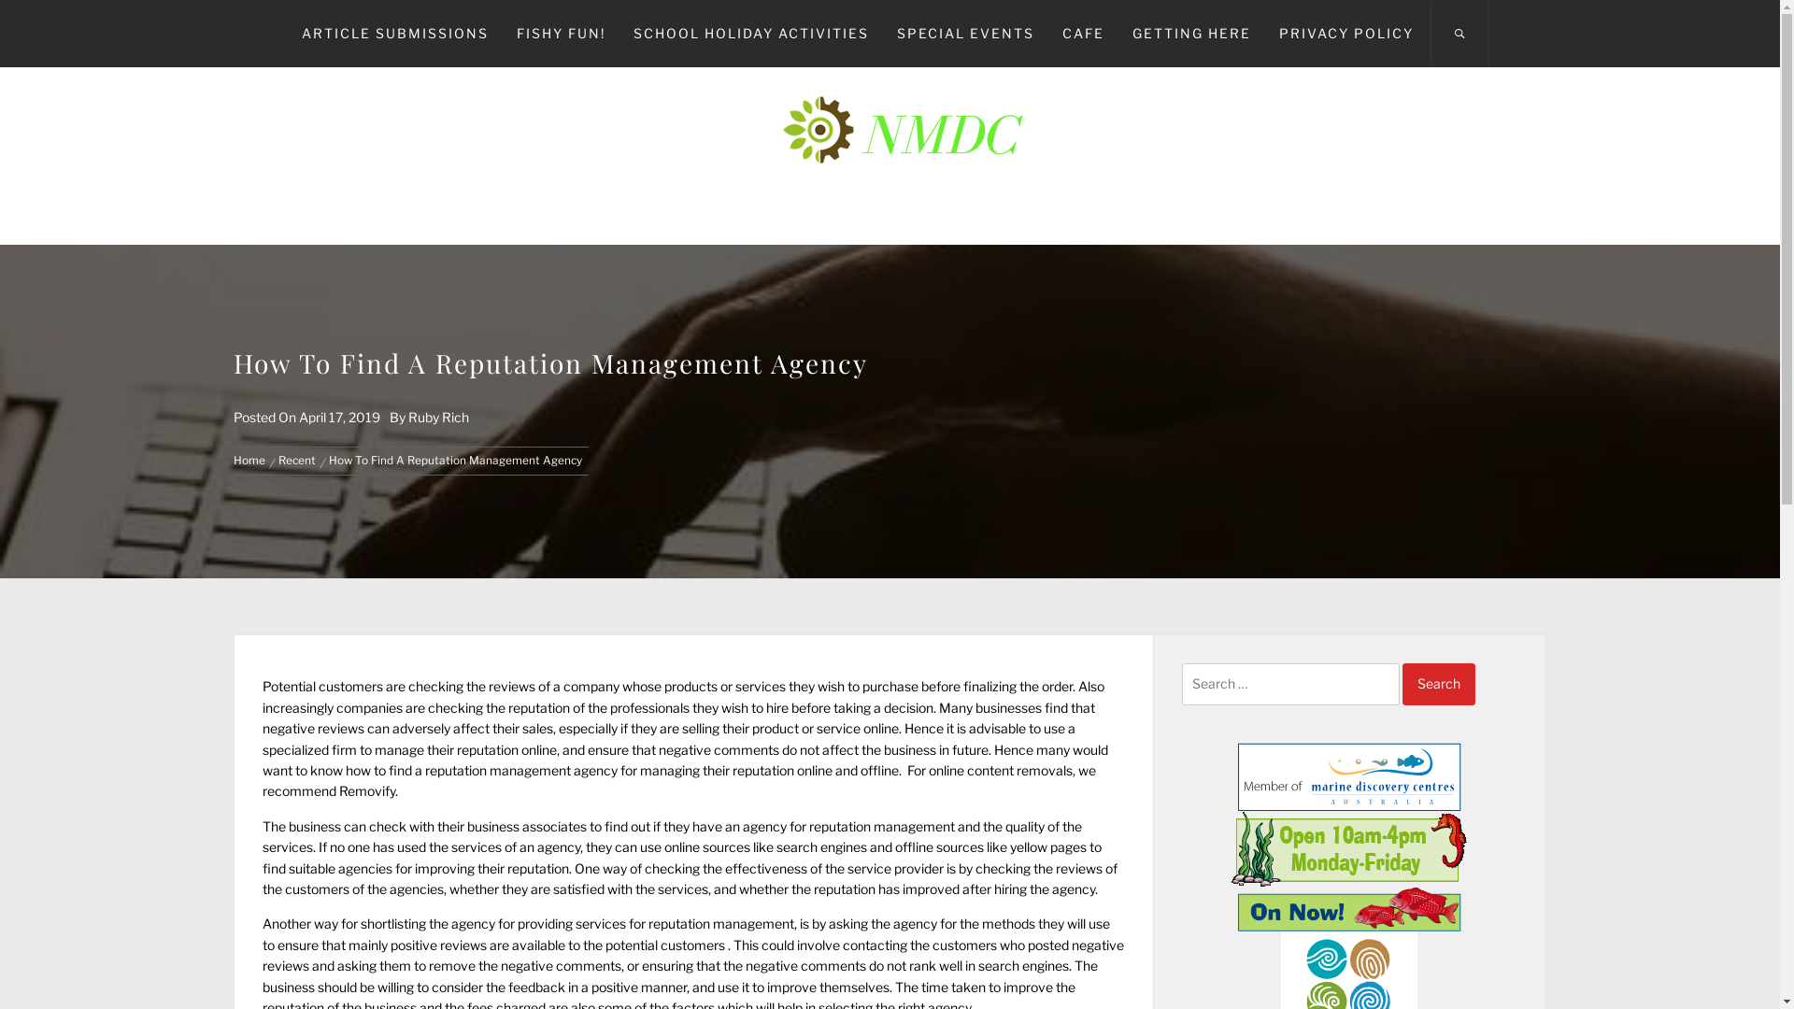 This screenshot has width=1794, height=1009. What do you see at coordinates (1438, 684) in the screenshot?
I see `'Search'` at bounding box center [1438, 684].